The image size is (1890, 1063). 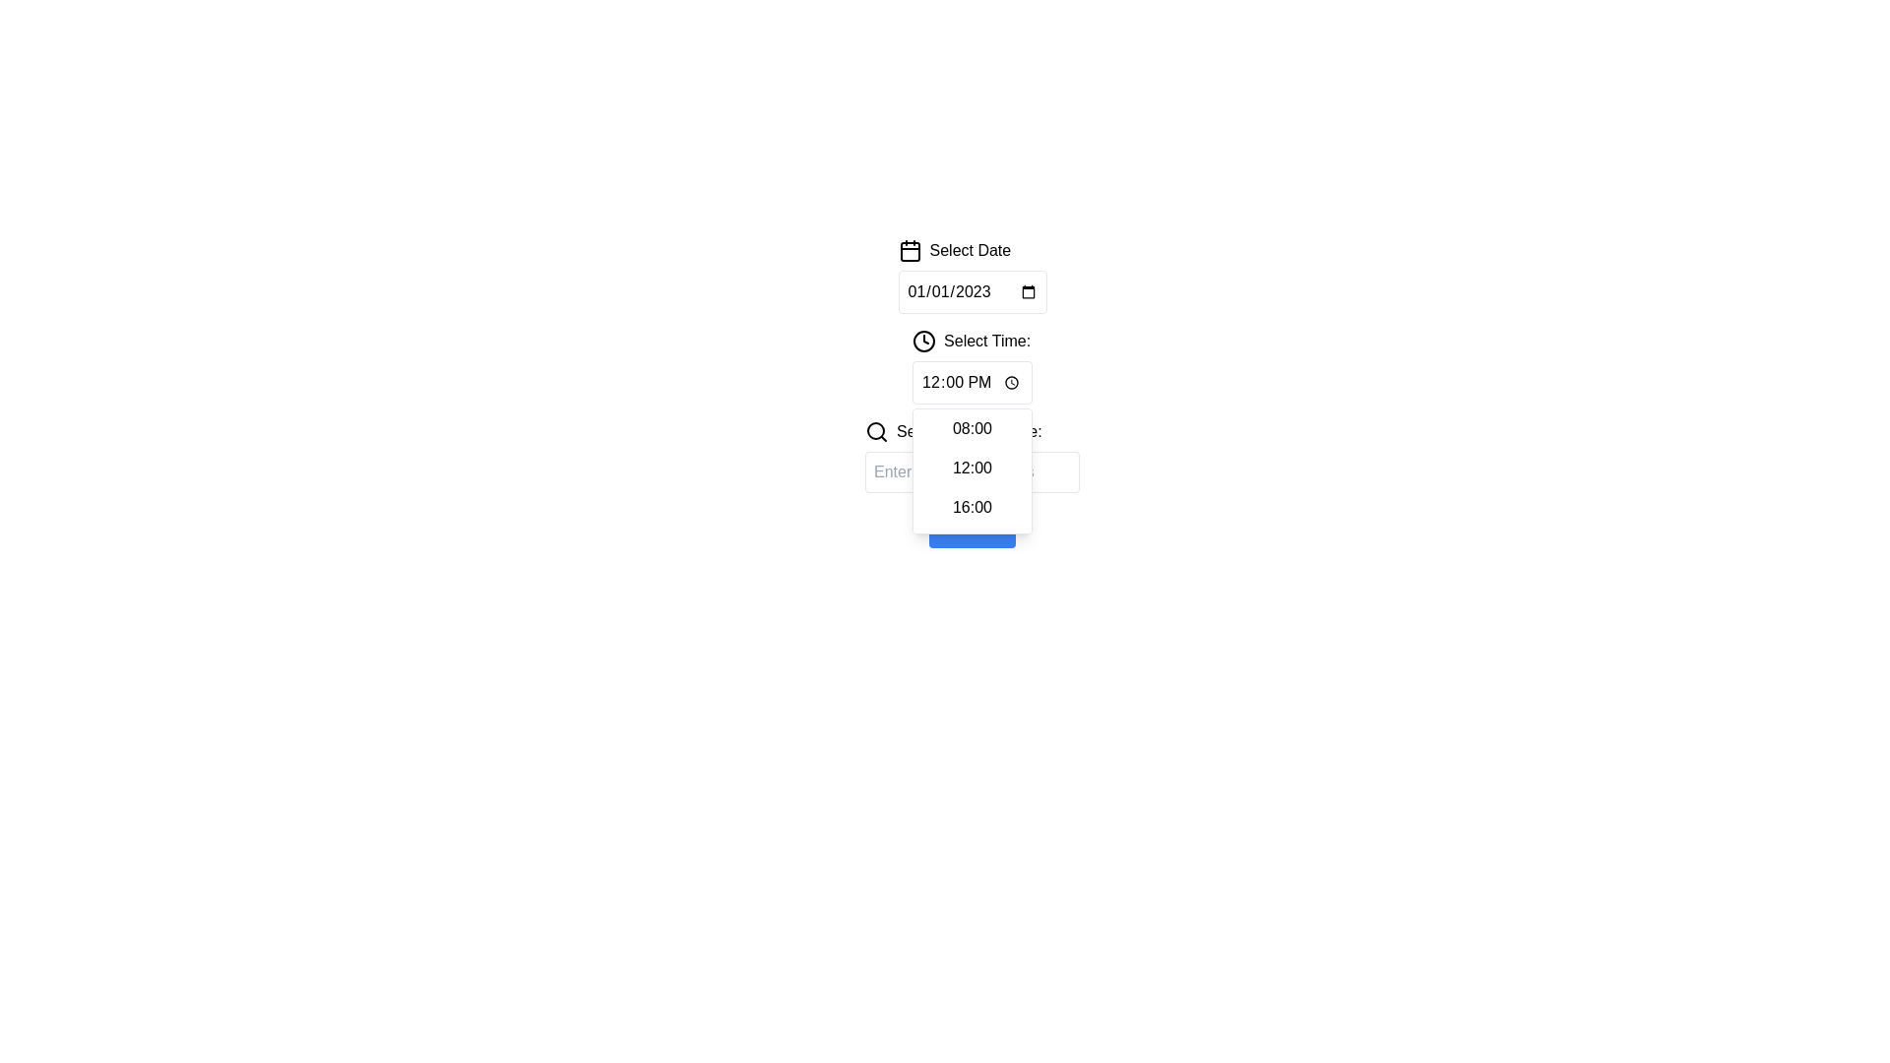 I want to click on the dropdown menu beneath the 'Select Time' input field, so click(x=973, y=470).